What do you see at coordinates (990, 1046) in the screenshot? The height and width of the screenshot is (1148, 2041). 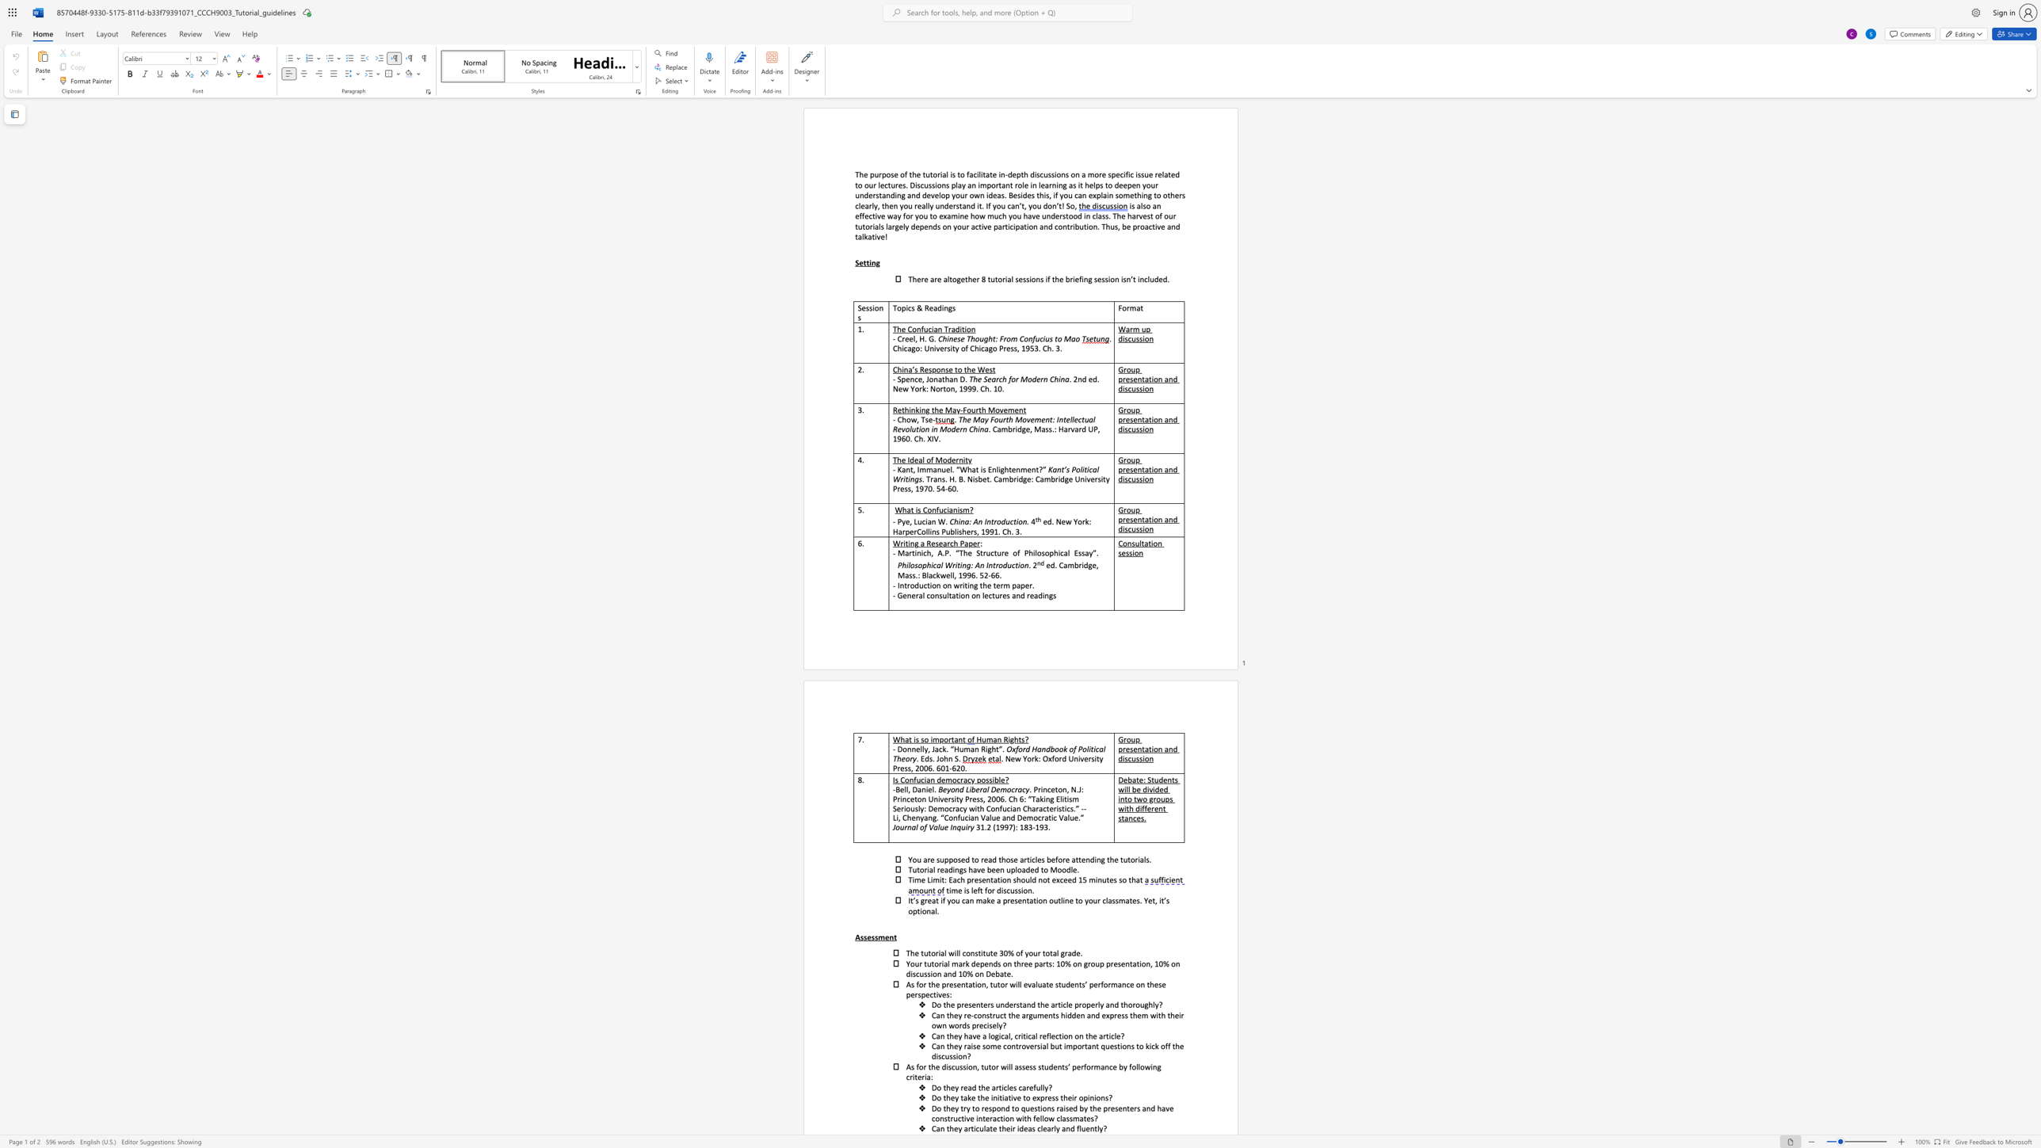 I see `the subset text "me controversi" within the text "Can they raise some controversial but important questions to kick off the discussion?"` at bounding box center [990, 1046].